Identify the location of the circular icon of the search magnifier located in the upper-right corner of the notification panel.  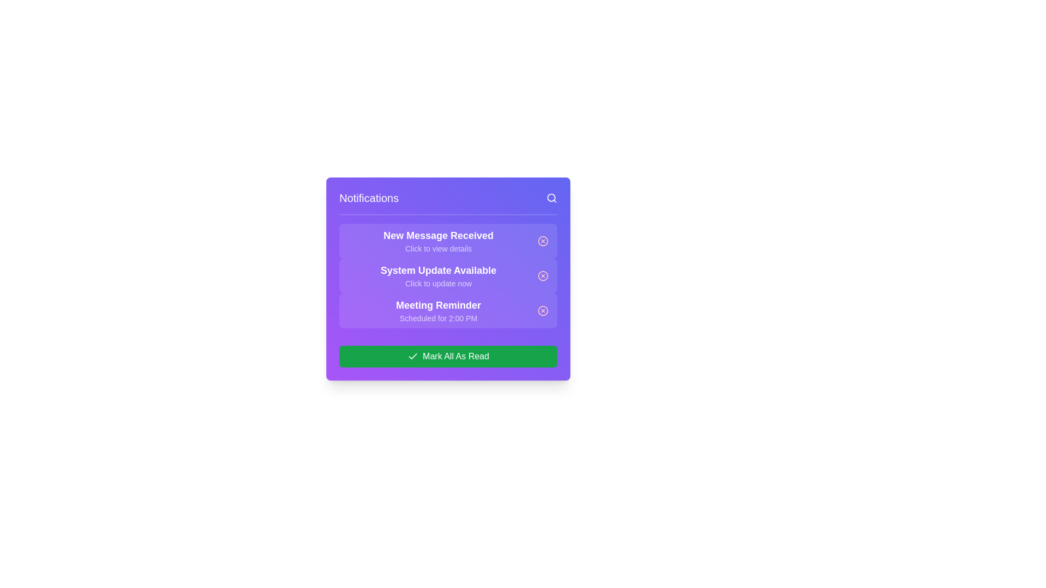
(551, 198).